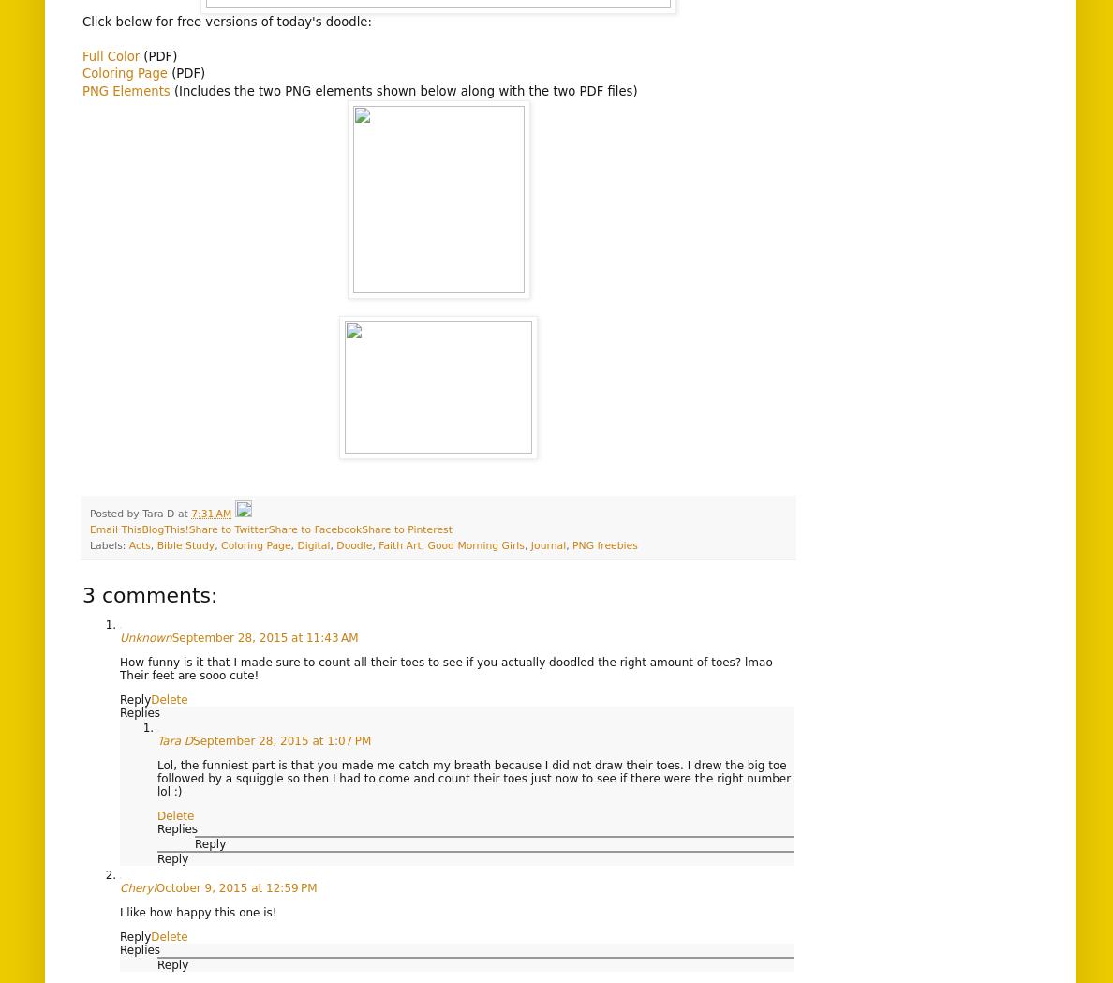 Image resolution: width=1113 pixels, height=983 pixels. Describe the element at coordinates (336, 544) in the screenshot. I see `'Doodle'` at that location.